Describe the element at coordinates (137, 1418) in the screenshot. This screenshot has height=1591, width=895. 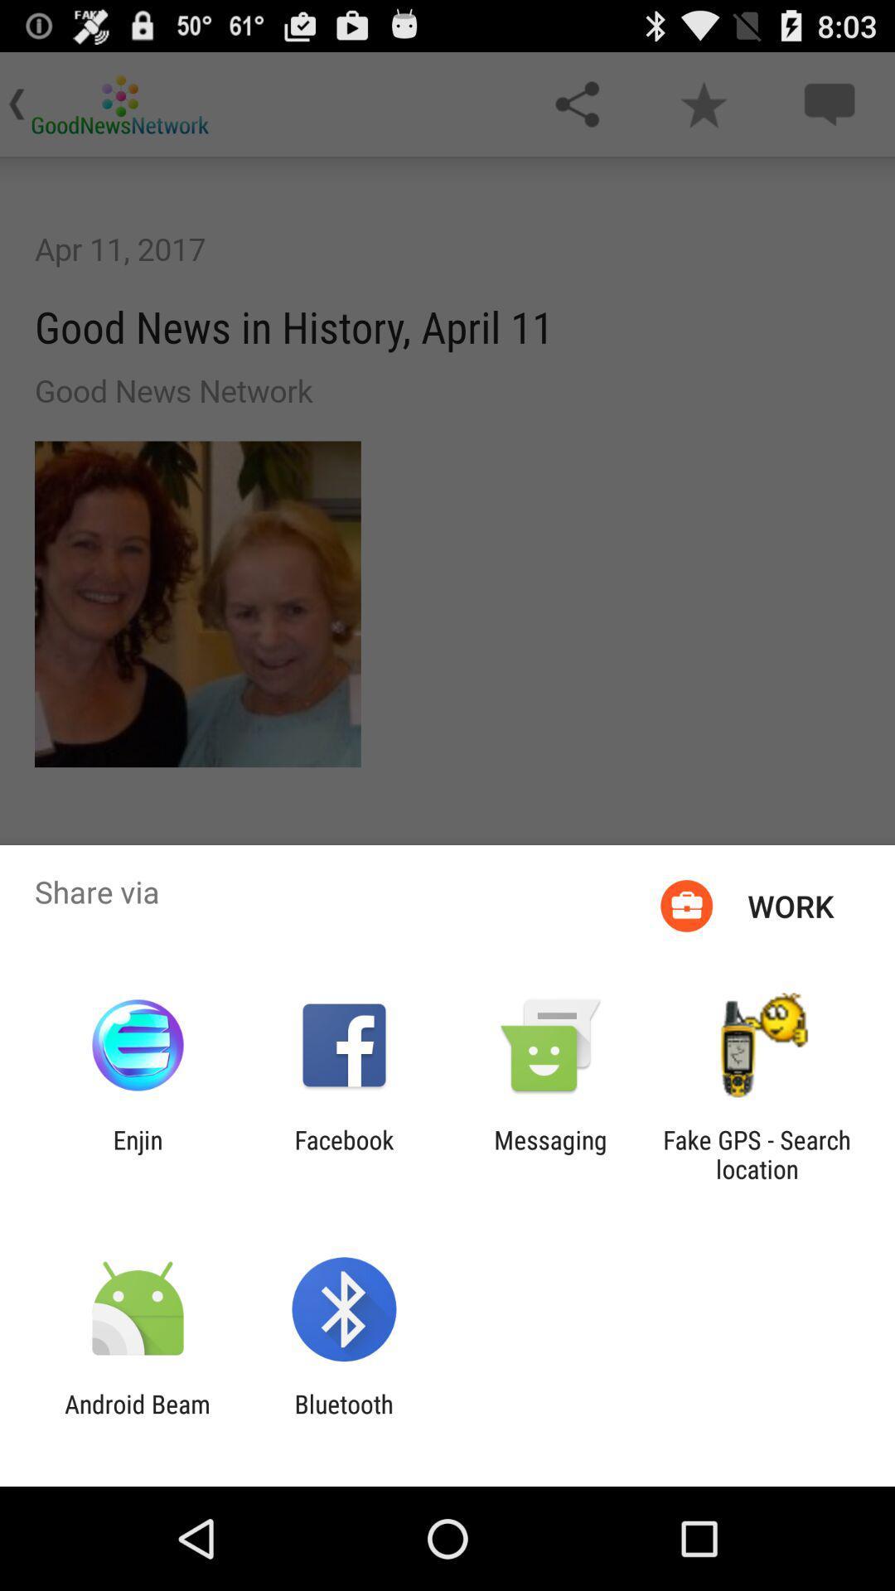
I see `the android beam` at that location.